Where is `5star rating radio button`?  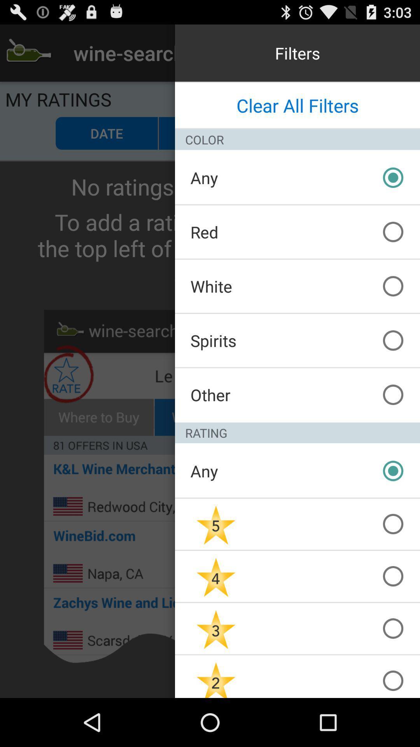
5star rating radio button is located at coordinates (216, 524).